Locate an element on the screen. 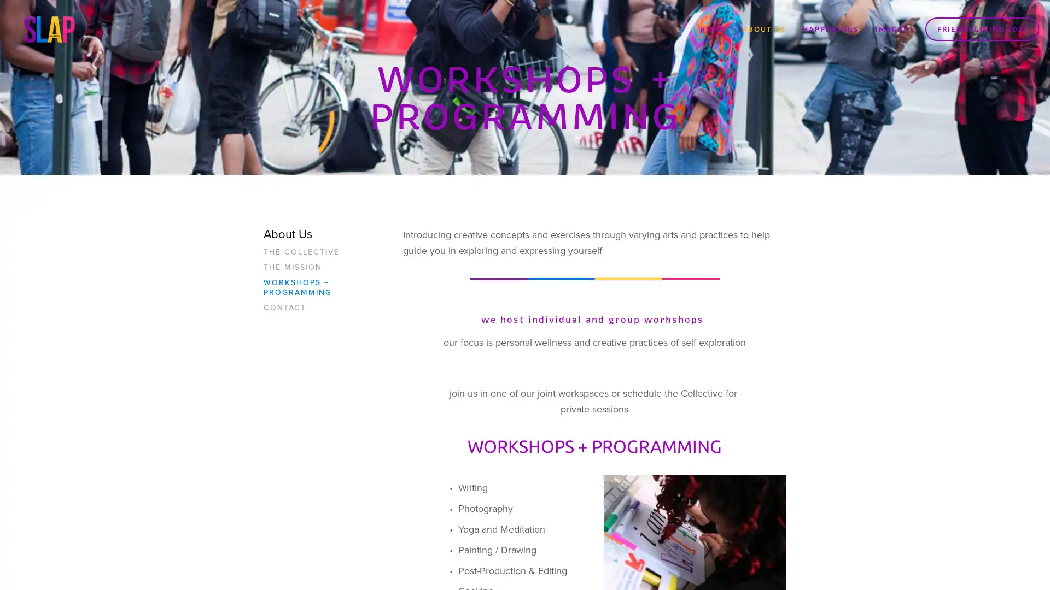 The width and height of the screenshot is (1050, 590). get mo' SLAP! is located at coordinates (593, 323).